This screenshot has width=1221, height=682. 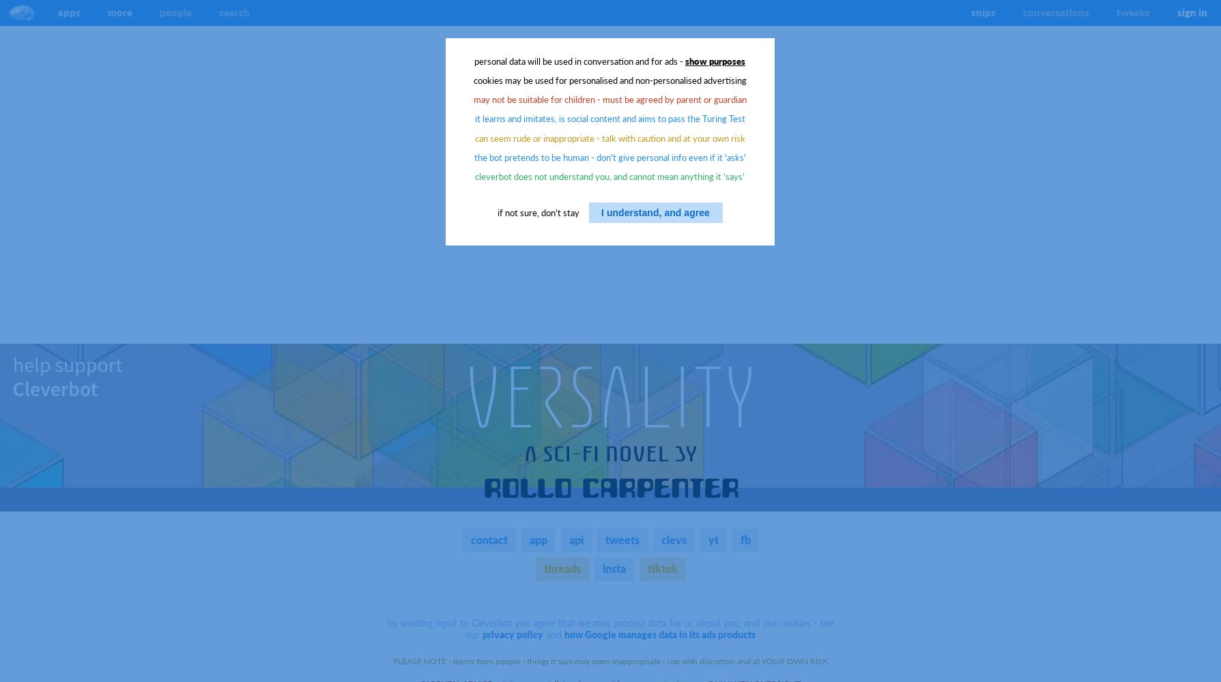 What do you see at coordinates (561, 567) in the screenshot?
I see `'threads'` at bounding box center [561, 567].